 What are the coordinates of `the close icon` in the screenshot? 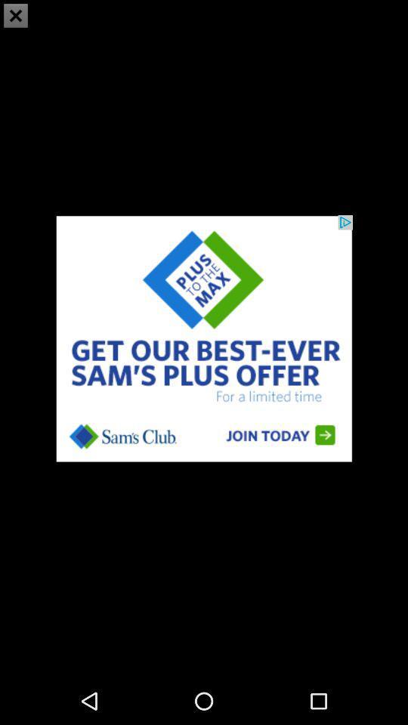 It's located at (15, 16).